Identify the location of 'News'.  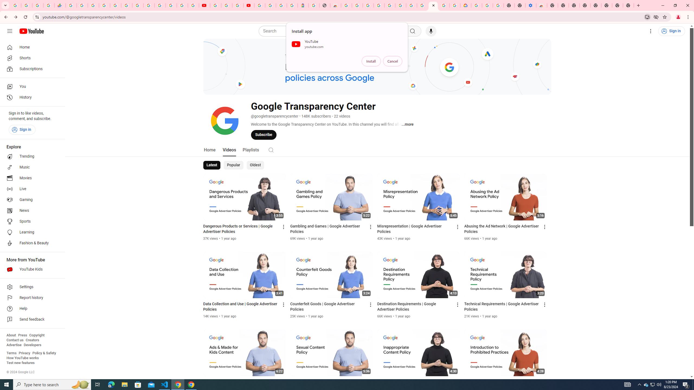
(31, 210).